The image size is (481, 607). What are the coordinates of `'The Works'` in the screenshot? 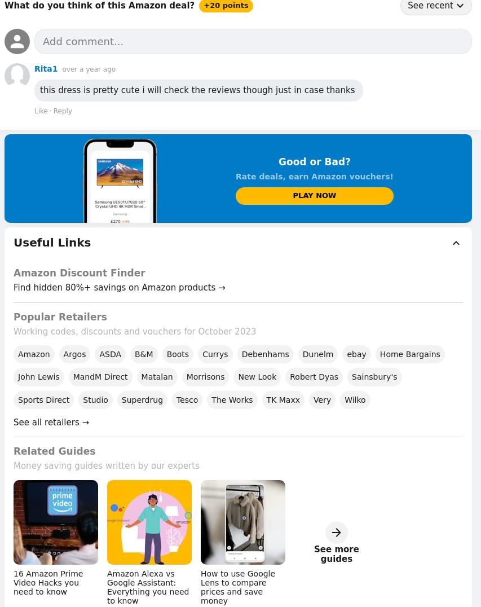 It's located at (231, 399).